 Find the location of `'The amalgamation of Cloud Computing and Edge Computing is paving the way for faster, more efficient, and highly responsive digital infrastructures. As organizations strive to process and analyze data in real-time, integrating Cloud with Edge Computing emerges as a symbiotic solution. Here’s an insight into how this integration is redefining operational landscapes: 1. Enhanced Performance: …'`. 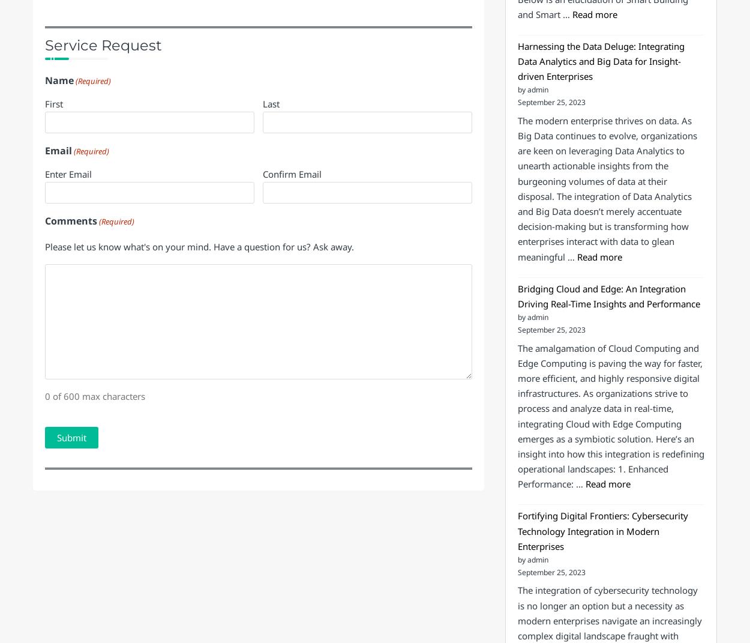

'The amalgamation of Cloud Computing and Edge Computing is paving the way for faster, more efficient, and highly responsive digital infrastructures. As organizations strive to process and analyze data in real-time, integrating Cloud with Edge Computing emerges as a symbiotic solution. Here’s an insight into how this integration is redefining operational landscapes: 1. Enhanced Performance: …' is located at coordinates (517, 415).